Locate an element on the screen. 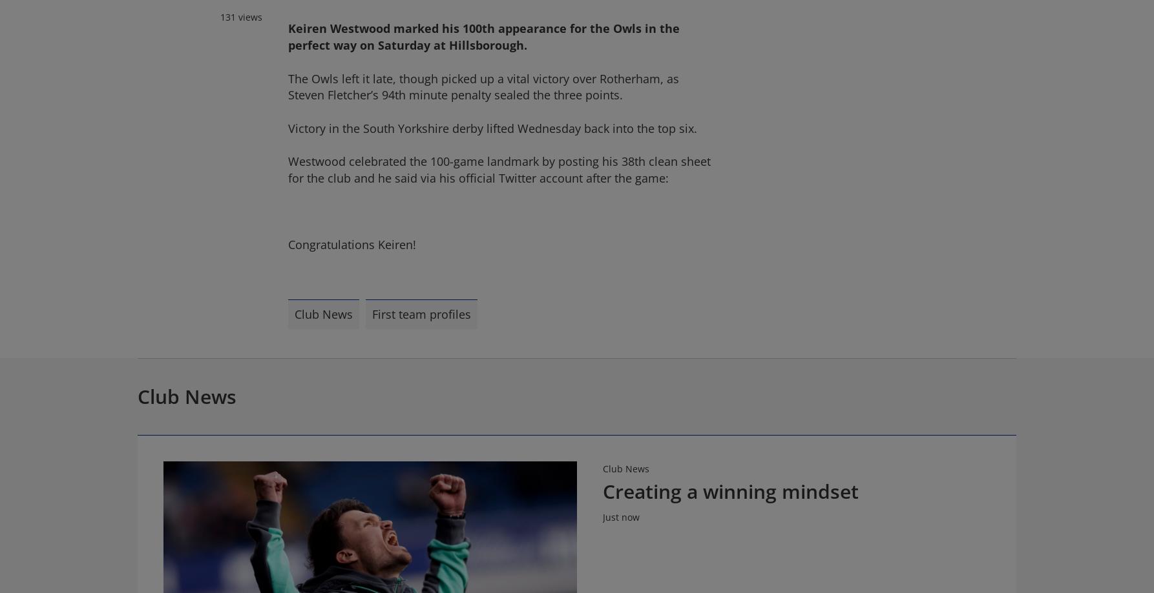 This screenshot has height=593, width=1154. 'Victory in the South Yorkshire derby lifted Wednesday back into the top six.' is located at coordinates (492, 128).